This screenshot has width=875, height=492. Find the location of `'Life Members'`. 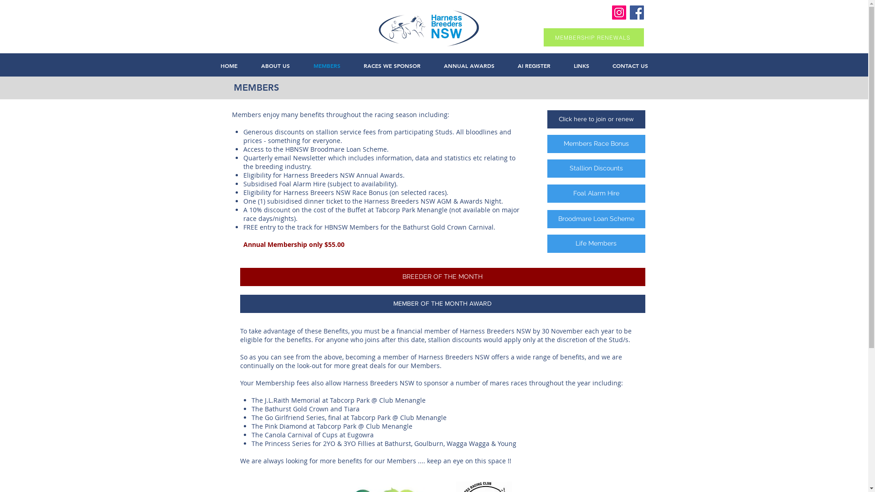

'Life Members' is located at coordinates (596, 243).